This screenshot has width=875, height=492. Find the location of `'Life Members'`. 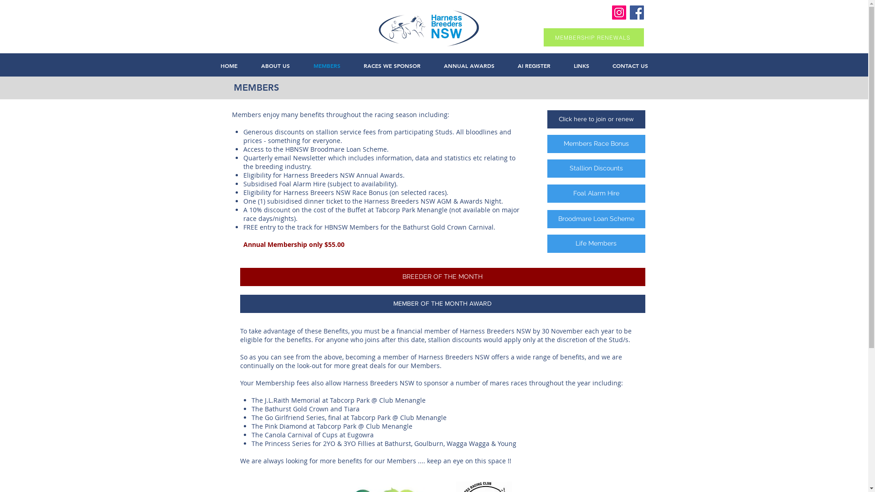

'Life Members' is located at coordinates (596, 243).